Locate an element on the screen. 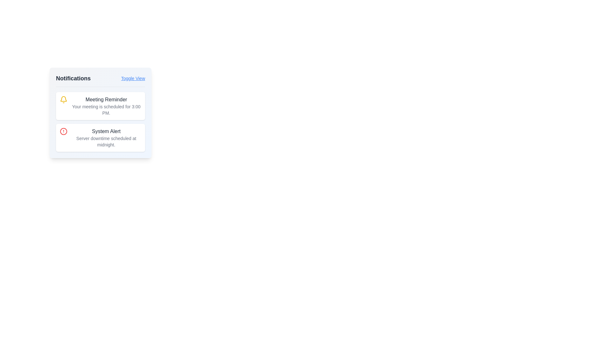 The height and width of the screenshot is (343, 611). the illustrative decoration within the SVG bell icon located in the notification panel, positioned centrally relative to the bell's outline is located at coordinates (64, 99).